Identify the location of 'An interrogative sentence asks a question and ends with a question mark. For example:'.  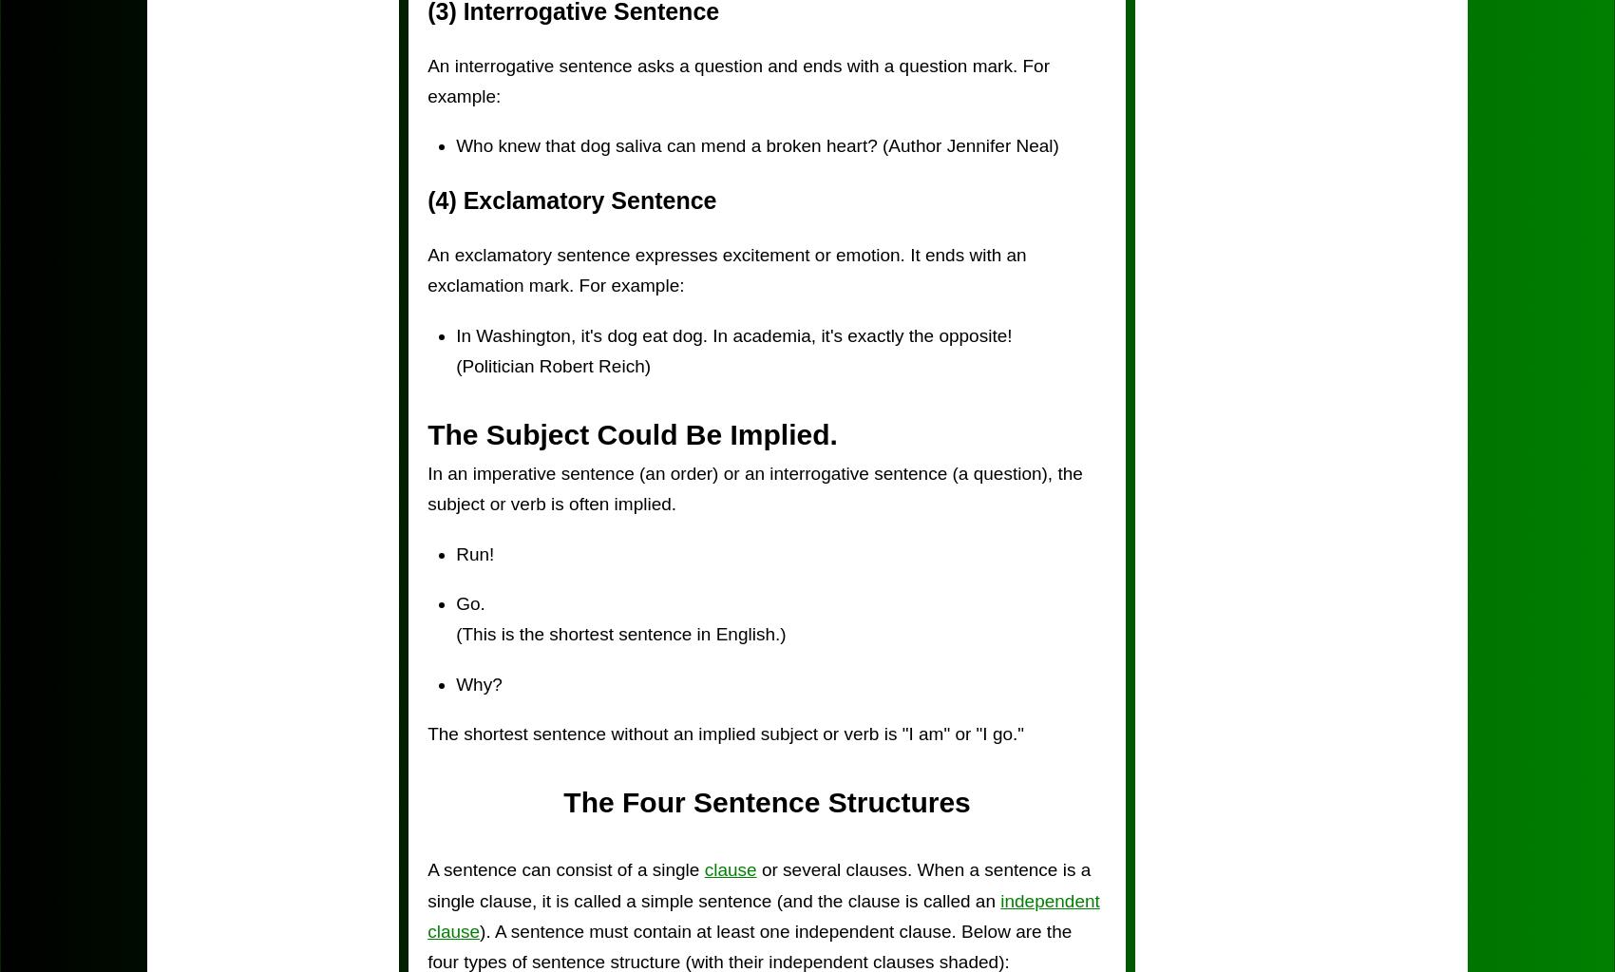
(737, 80).